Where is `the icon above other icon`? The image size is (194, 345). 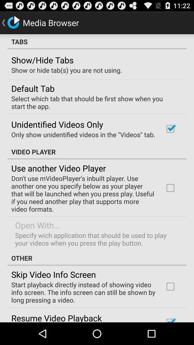 the icon above other icon is located at coordinates (96, 239).